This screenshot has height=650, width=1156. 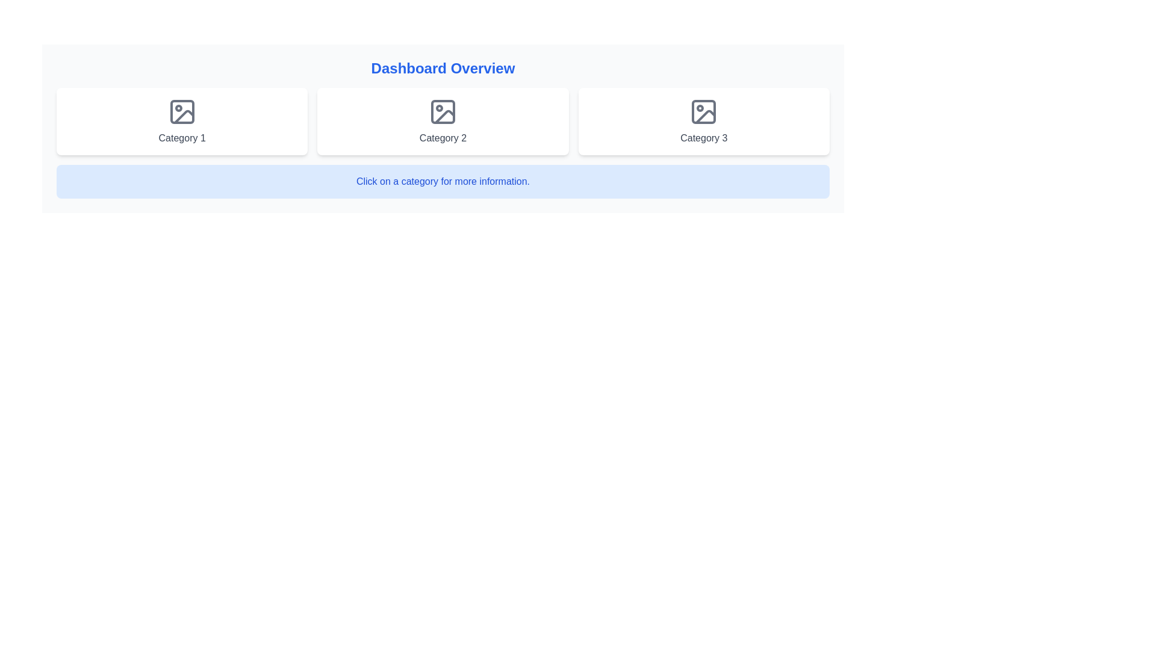 I want to click on the decorative icon that symbolizes an image placeholder located within the 'Category 2' card, which is the middle card under the 'Dashboard Overview' title, so click(x=442, y=111).